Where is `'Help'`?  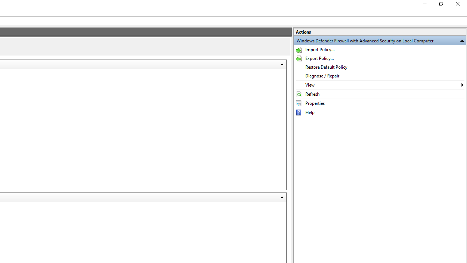
'Help' is located at coordinates (379, 112).